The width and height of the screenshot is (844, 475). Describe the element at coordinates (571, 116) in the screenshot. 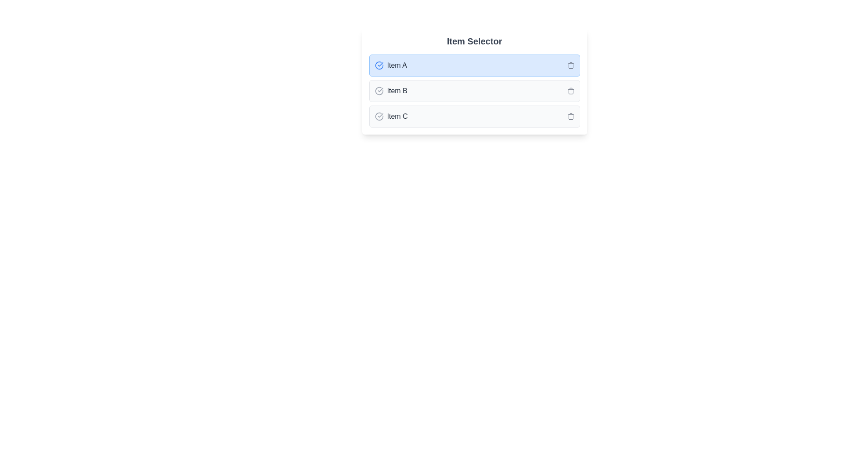

I see `the small trash icon button at the far-right of the row containing 'Item C'` at that location.